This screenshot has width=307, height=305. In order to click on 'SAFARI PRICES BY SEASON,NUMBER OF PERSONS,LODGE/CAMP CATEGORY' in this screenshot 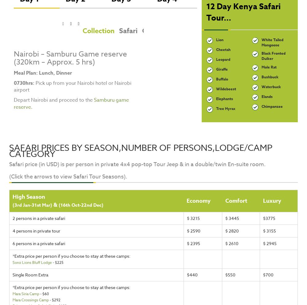, I will do `click(140, 151)`.